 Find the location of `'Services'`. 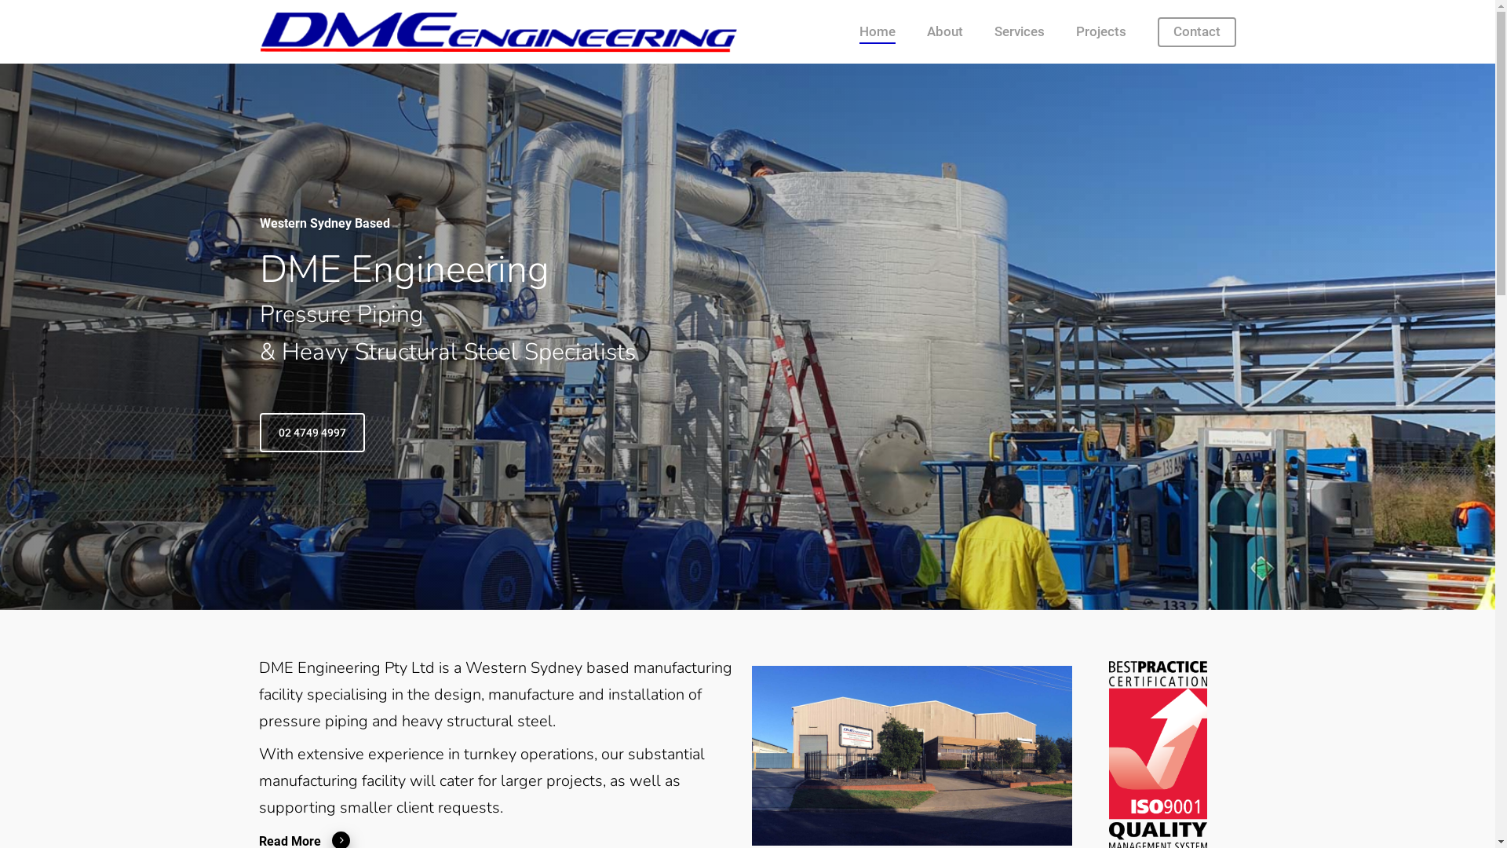

'Services' is located at coordinates (1020, 31).